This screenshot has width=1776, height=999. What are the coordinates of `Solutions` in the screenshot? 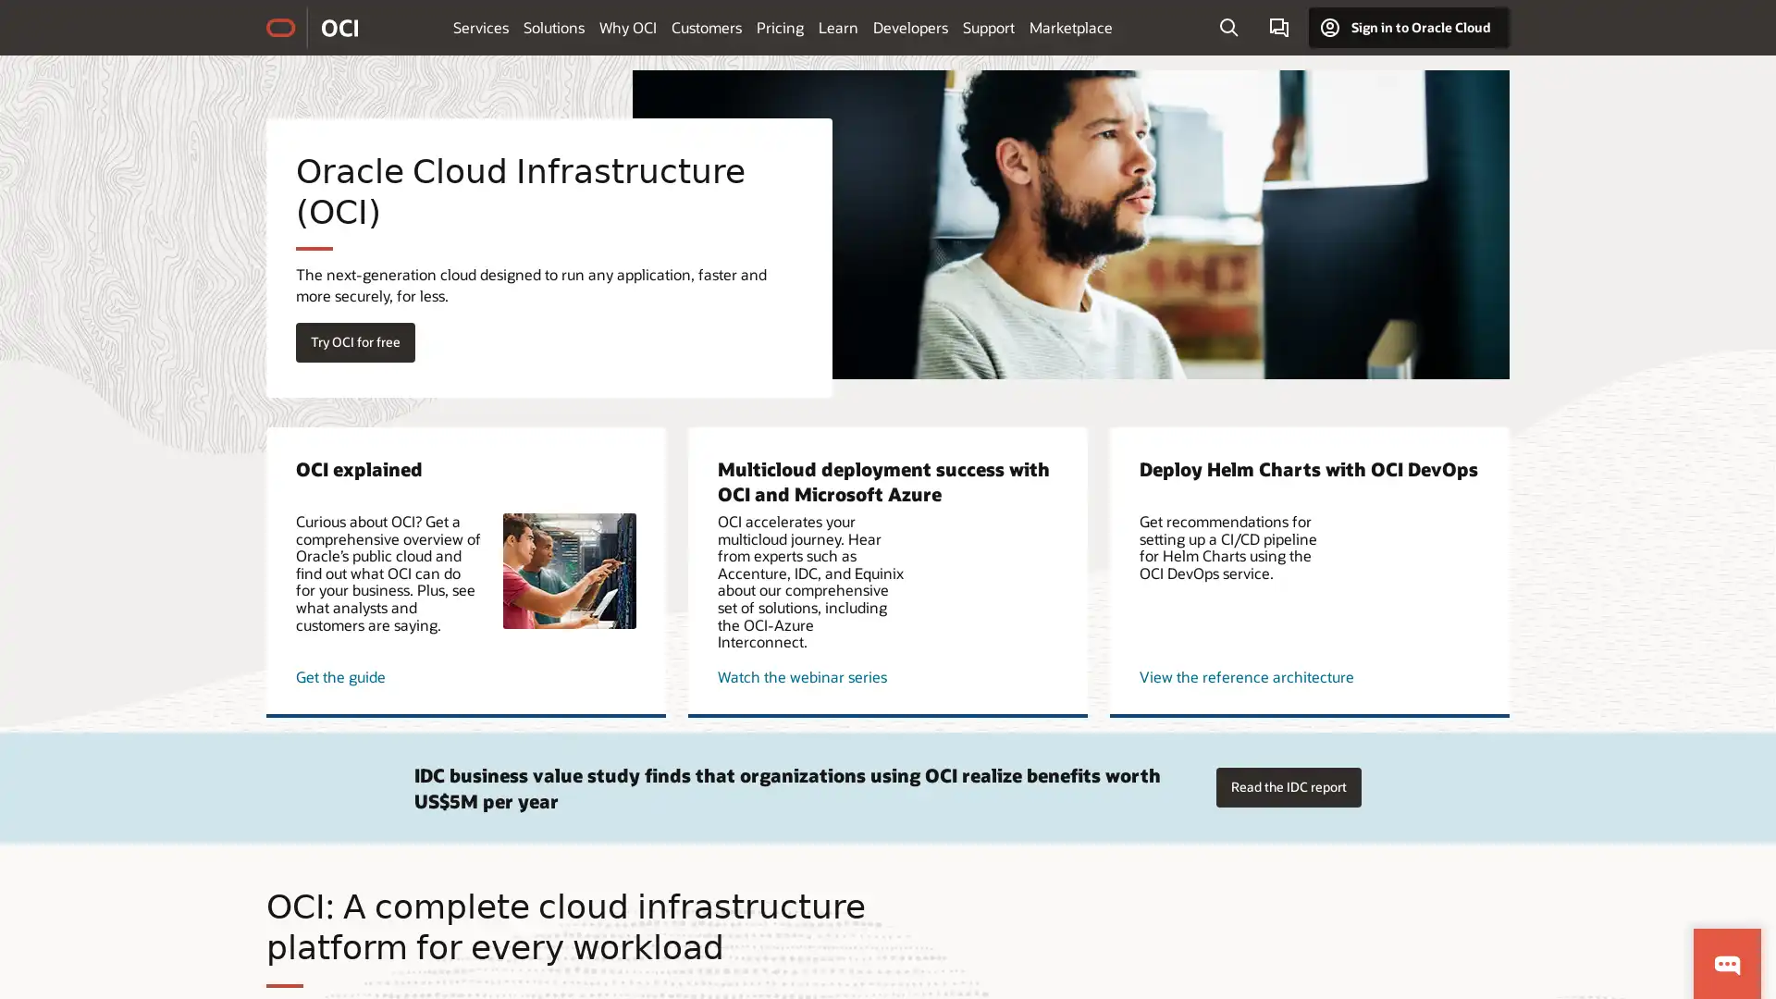 It's located at (553, 27).